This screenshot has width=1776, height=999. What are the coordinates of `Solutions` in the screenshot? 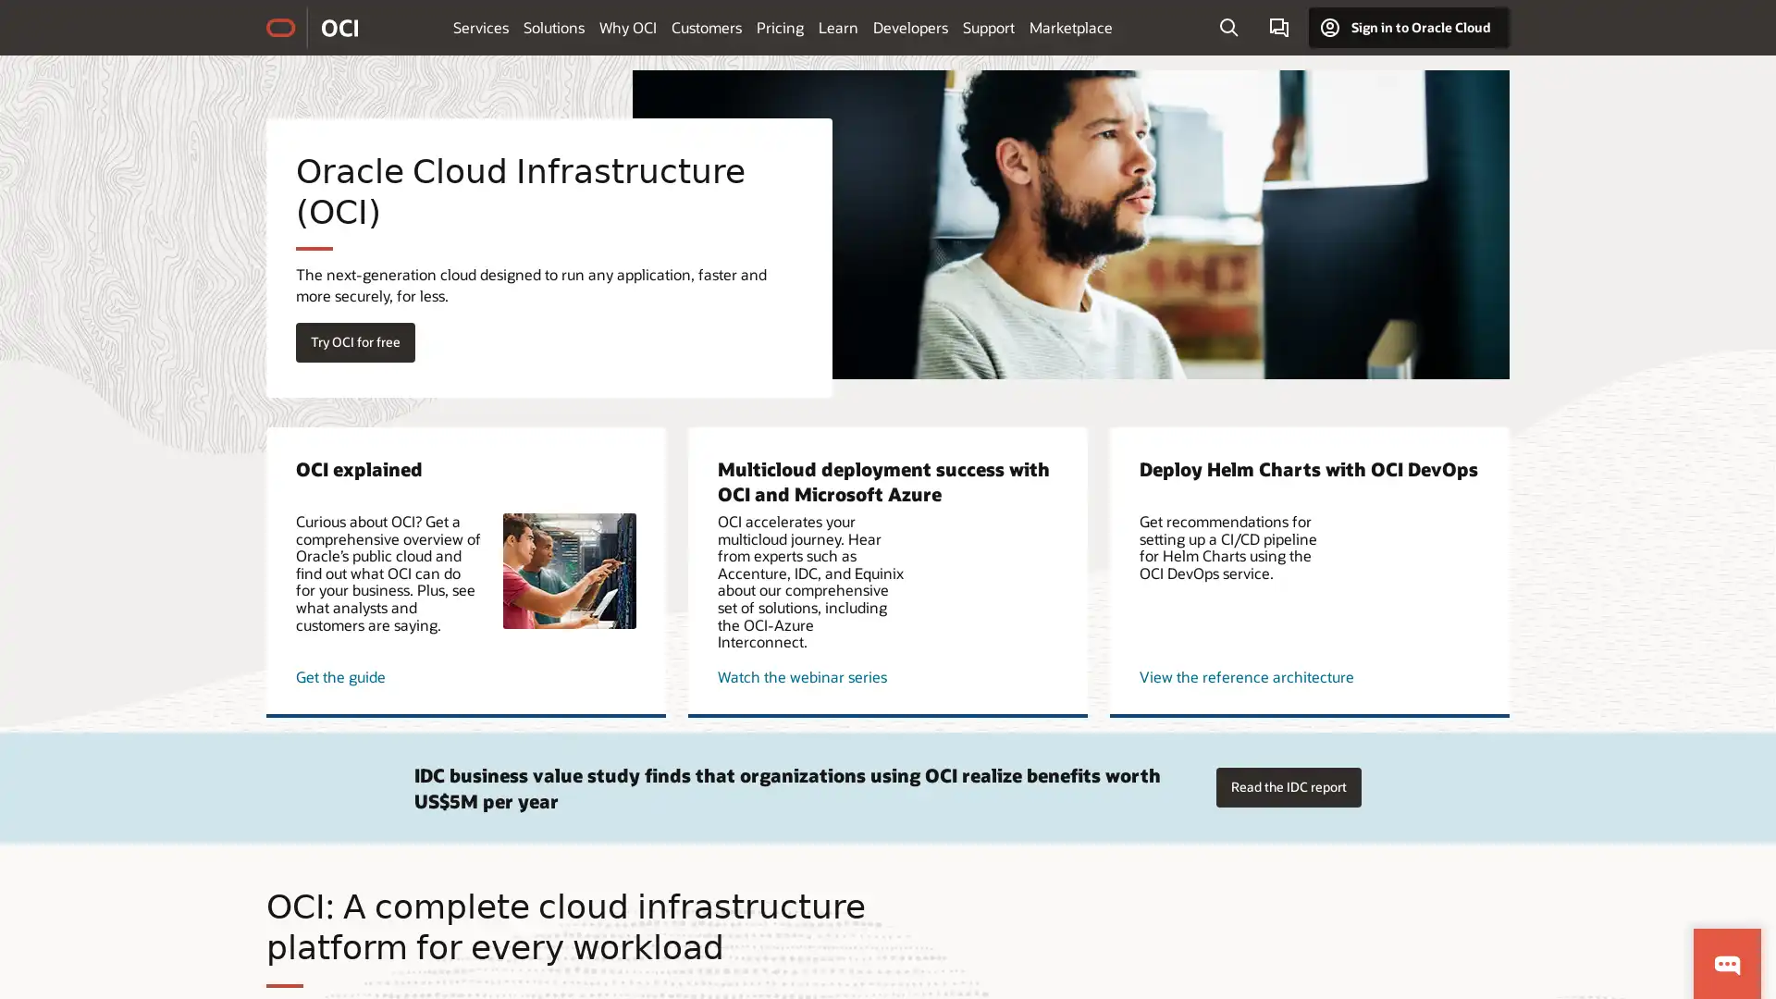 It's located at (553, 27).